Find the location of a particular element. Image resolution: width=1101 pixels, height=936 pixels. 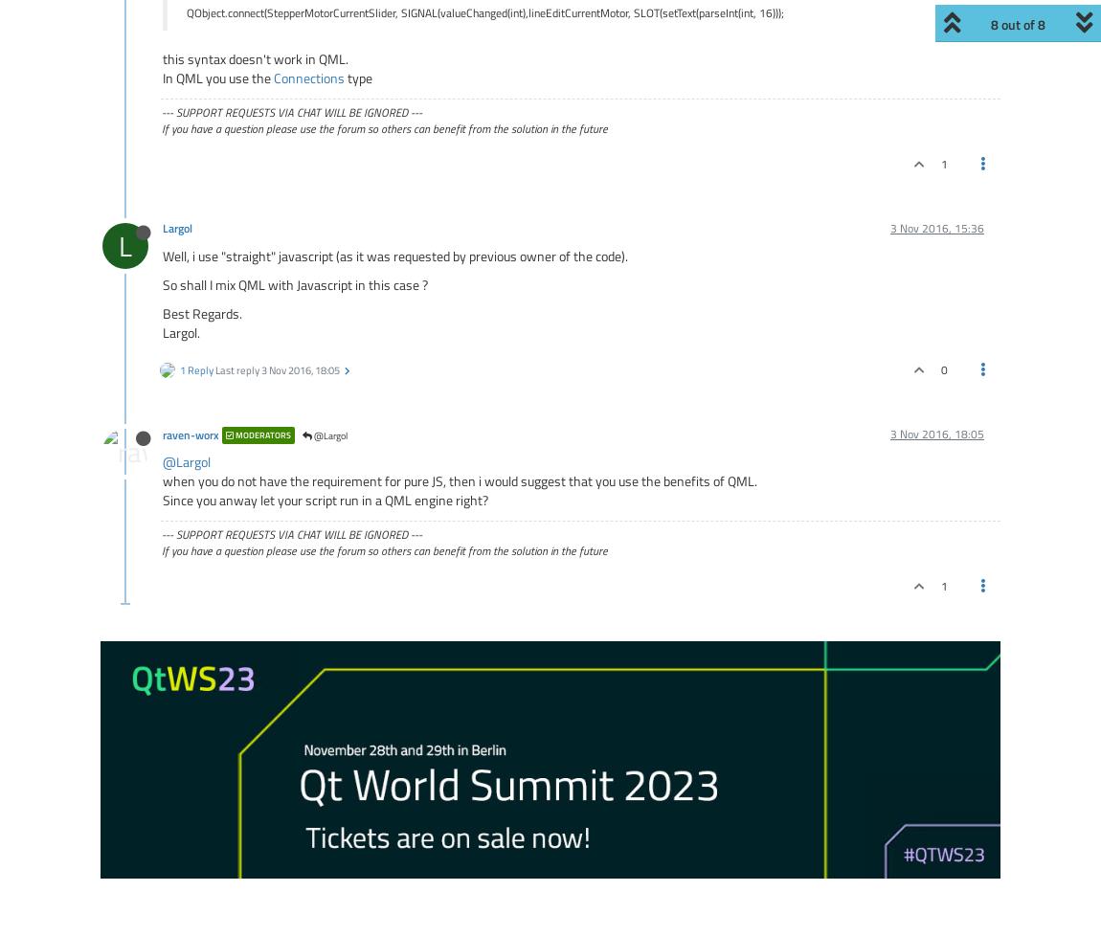

'3 Nov 2016, 15:36' is located at coordinates (936, 228).